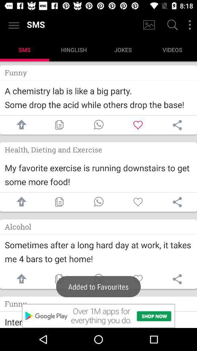 The width and height of the screenshot is (197, 351). I want to click on share on whatsapp, so click(98, 202).